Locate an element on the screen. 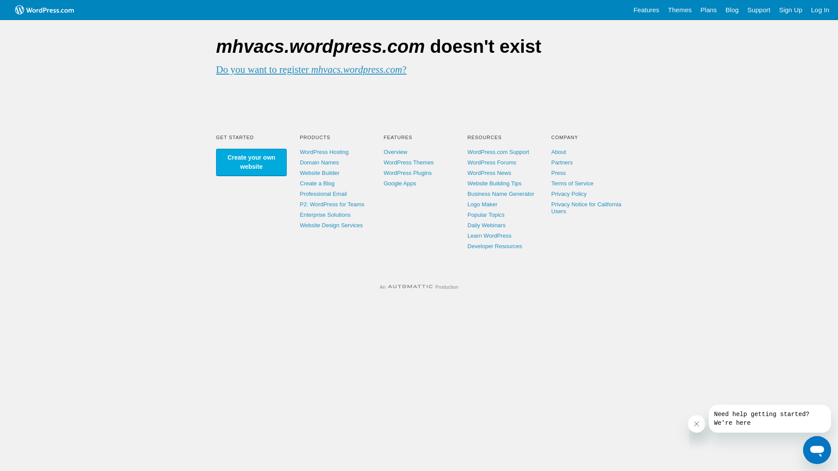 This screenshot has height=471, width=838. 'Blog' is located at coordinates (732, 10).